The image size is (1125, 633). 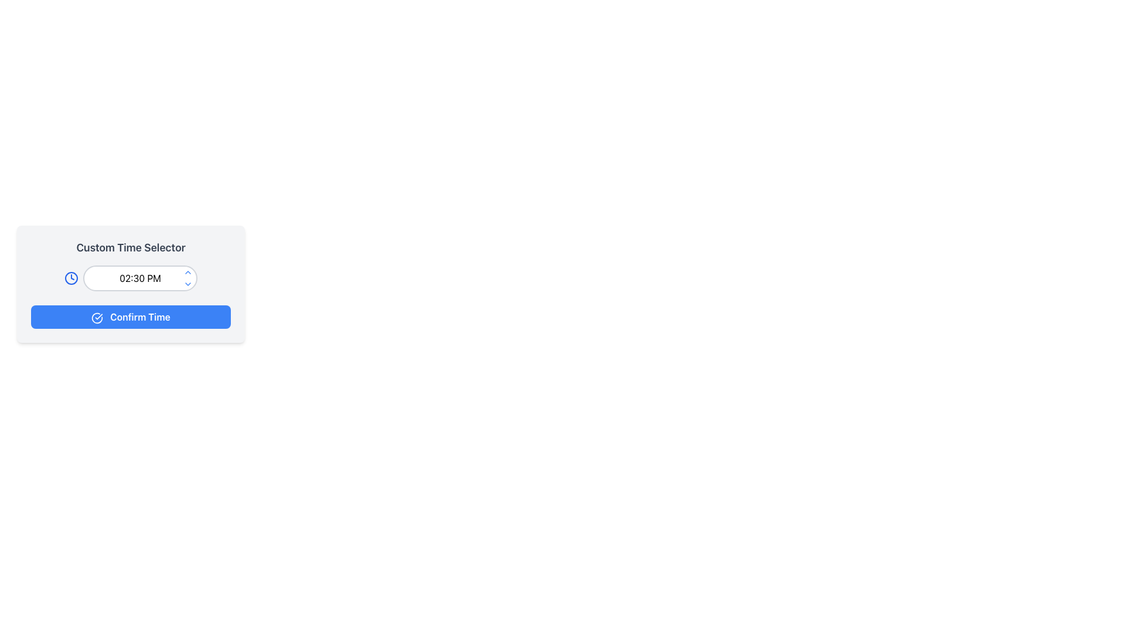 I want to click on the header Text Label that indicates the purpose of the content below, which involves selecting and confirming a custom time, so click(x=131, y=247).